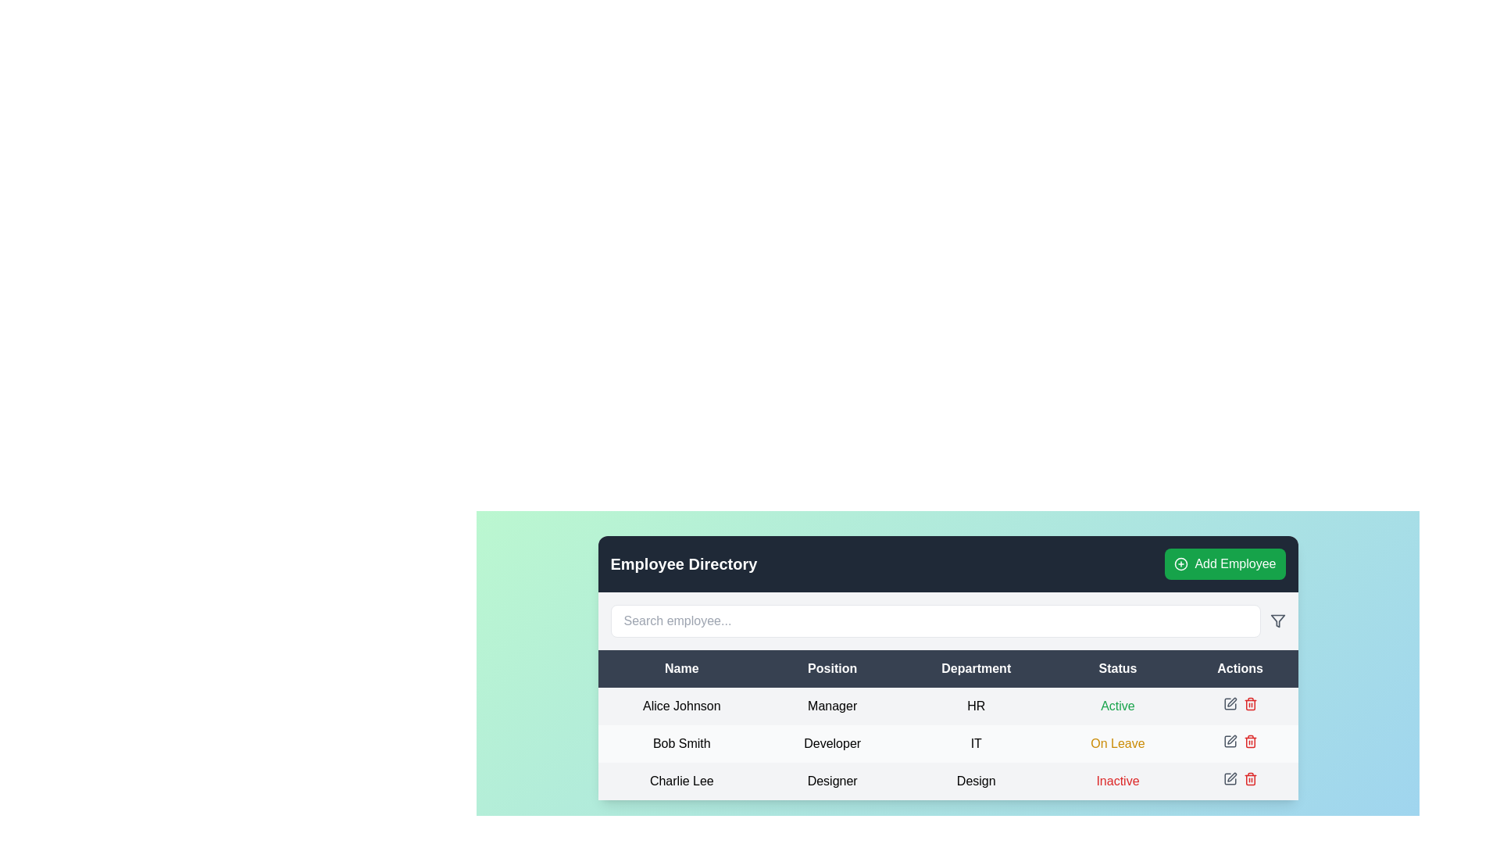 The height and width of the screenshot is (844, 1500). Describe the element at coordinates (1250, 704) in the screenshot. I see `the delete icon in the 'Actions' column of the third row of the table` at that location.